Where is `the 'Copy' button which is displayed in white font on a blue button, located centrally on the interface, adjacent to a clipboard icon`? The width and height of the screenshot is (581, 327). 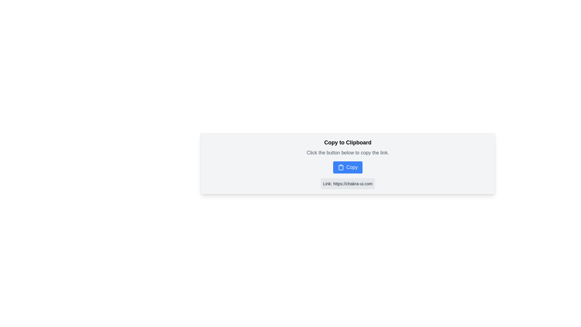
the 'Copy' button which is displayed in white font on a blue button, located centrally on the interface, adjacent to a clipboard icon is located at coordinates (352, 167).